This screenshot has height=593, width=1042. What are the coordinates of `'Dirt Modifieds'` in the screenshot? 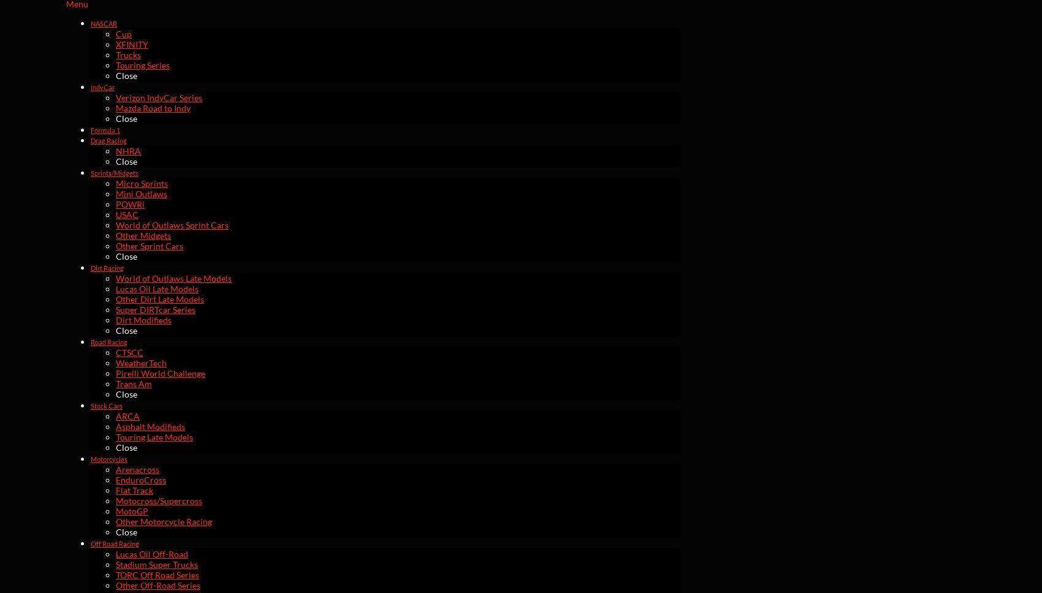 It's located at (143, 319).